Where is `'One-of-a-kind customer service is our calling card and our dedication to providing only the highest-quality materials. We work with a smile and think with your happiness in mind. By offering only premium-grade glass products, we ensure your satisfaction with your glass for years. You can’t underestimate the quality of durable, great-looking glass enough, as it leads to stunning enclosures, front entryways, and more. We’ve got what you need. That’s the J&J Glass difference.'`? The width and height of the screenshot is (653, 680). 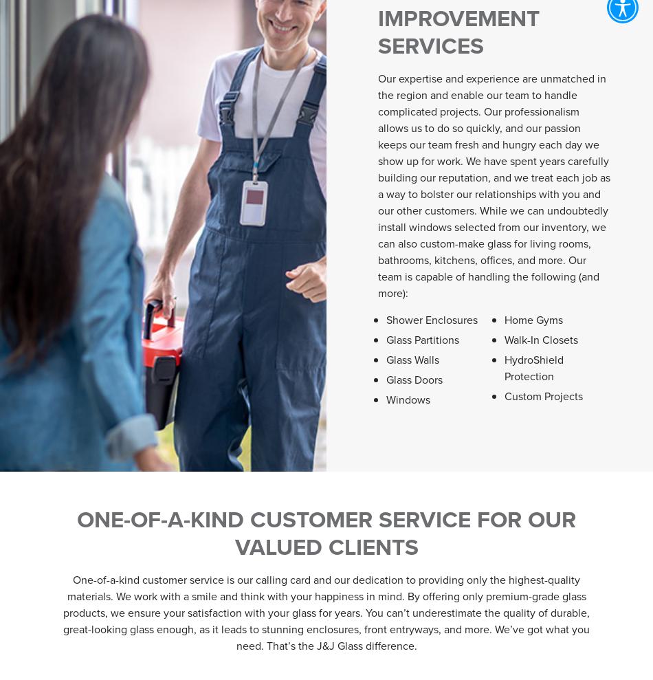
'One-of-a-kind customer service is our calling card and our dedication to providing only the highest-quality materials. We work with a smile and think with your happiness in mind. By offering only premium-grade glass products, we ensure your satisfaction with your glass for years. You can’t underestimate the quality of durable, great-looking glass enough, as it leads to stunning enclosures, front entryways, and more. We’ve got what you need. That’s the J&J Glass difference.' is located at coordinates (63, 612).